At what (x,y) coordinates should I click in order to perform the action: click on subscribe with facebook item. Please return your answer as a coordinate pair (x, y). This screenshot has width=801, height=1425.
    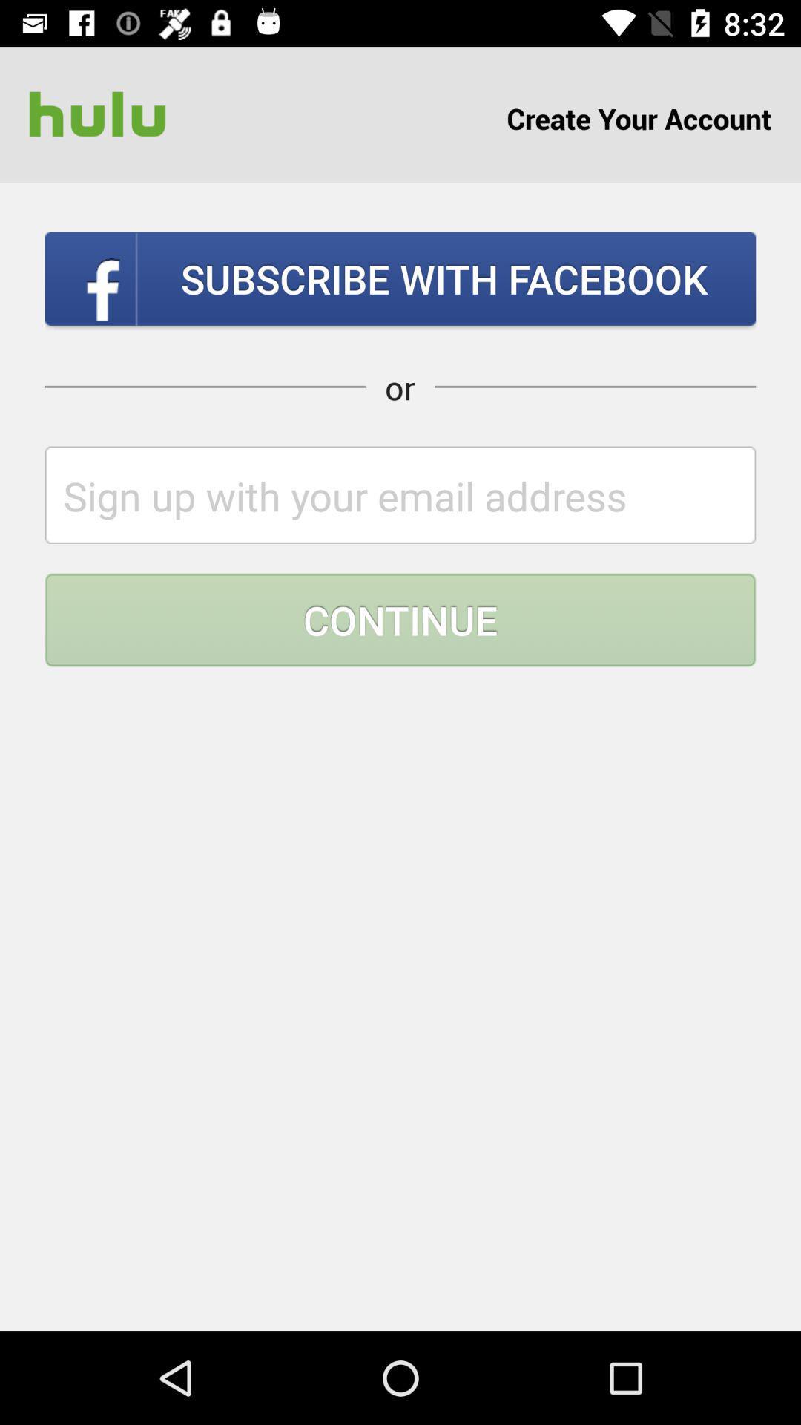
    Looking at the image, I should click on (400, 278).